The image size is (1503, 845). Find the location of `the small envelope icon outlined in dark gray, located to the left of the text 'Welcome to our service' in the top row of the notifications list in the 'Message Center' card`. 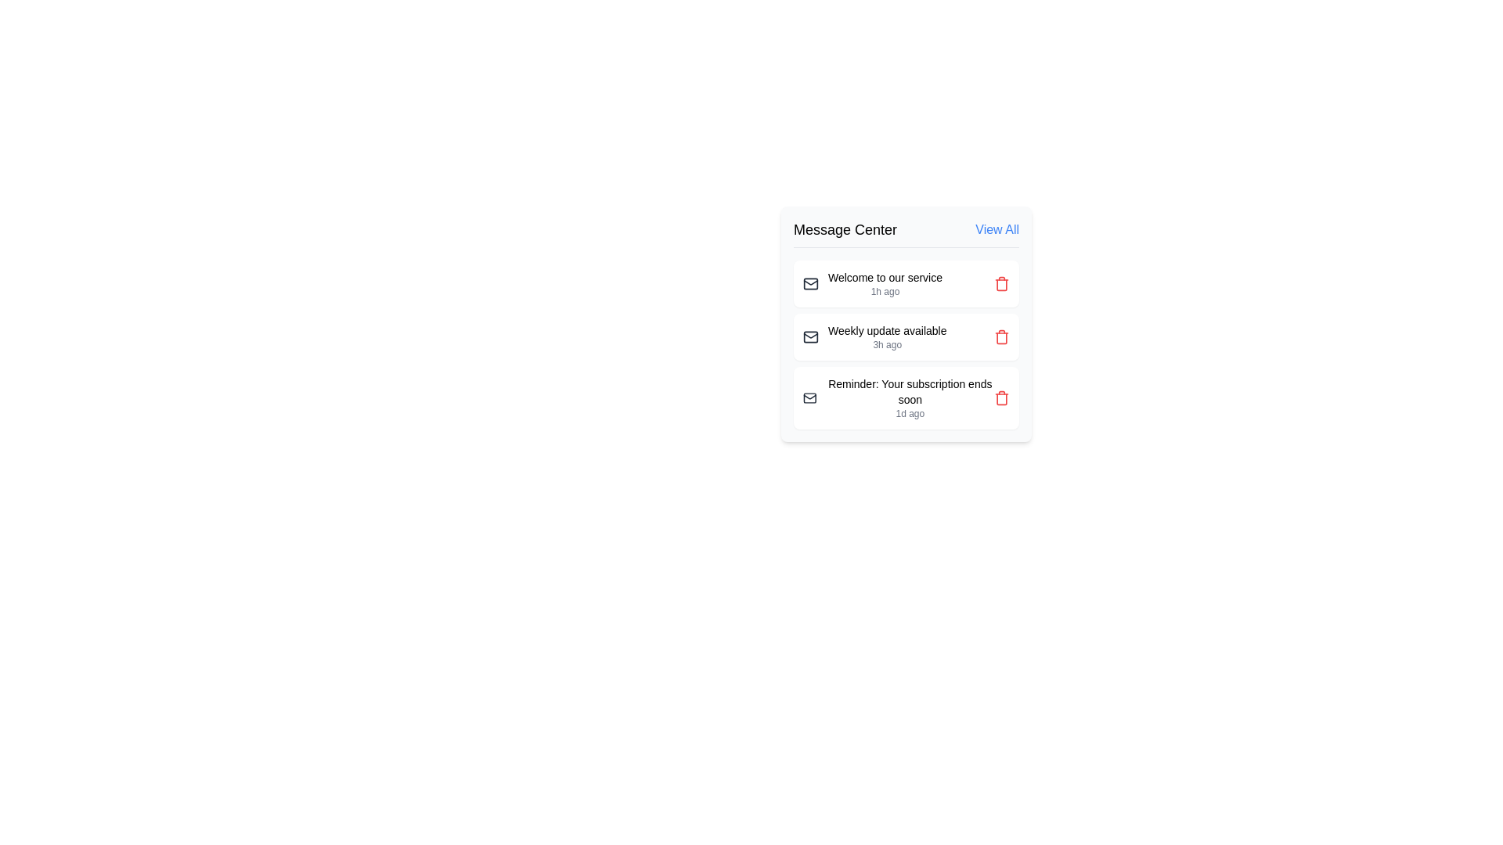

the small envelope icon outlined in dark gray, located to the left of the text 'Welcome to our service' in the top row of the notifications list in the 'Message Center' card is located at coordinates (811, 283).